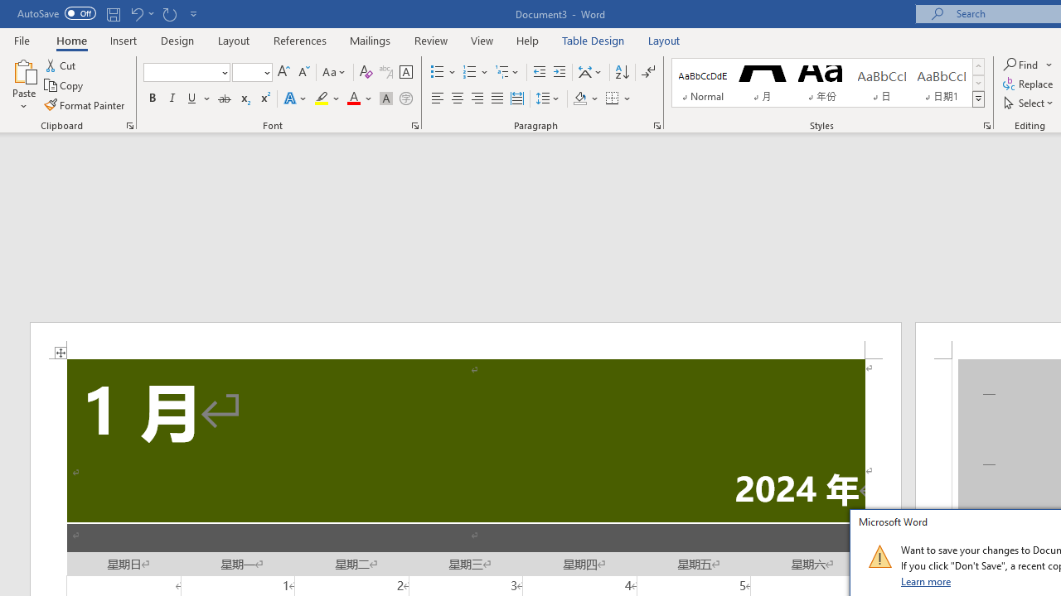  What do you see at coordinates (23, 85) in the screenshot?
I see `'Paste'` at bounding box center [23, 85].